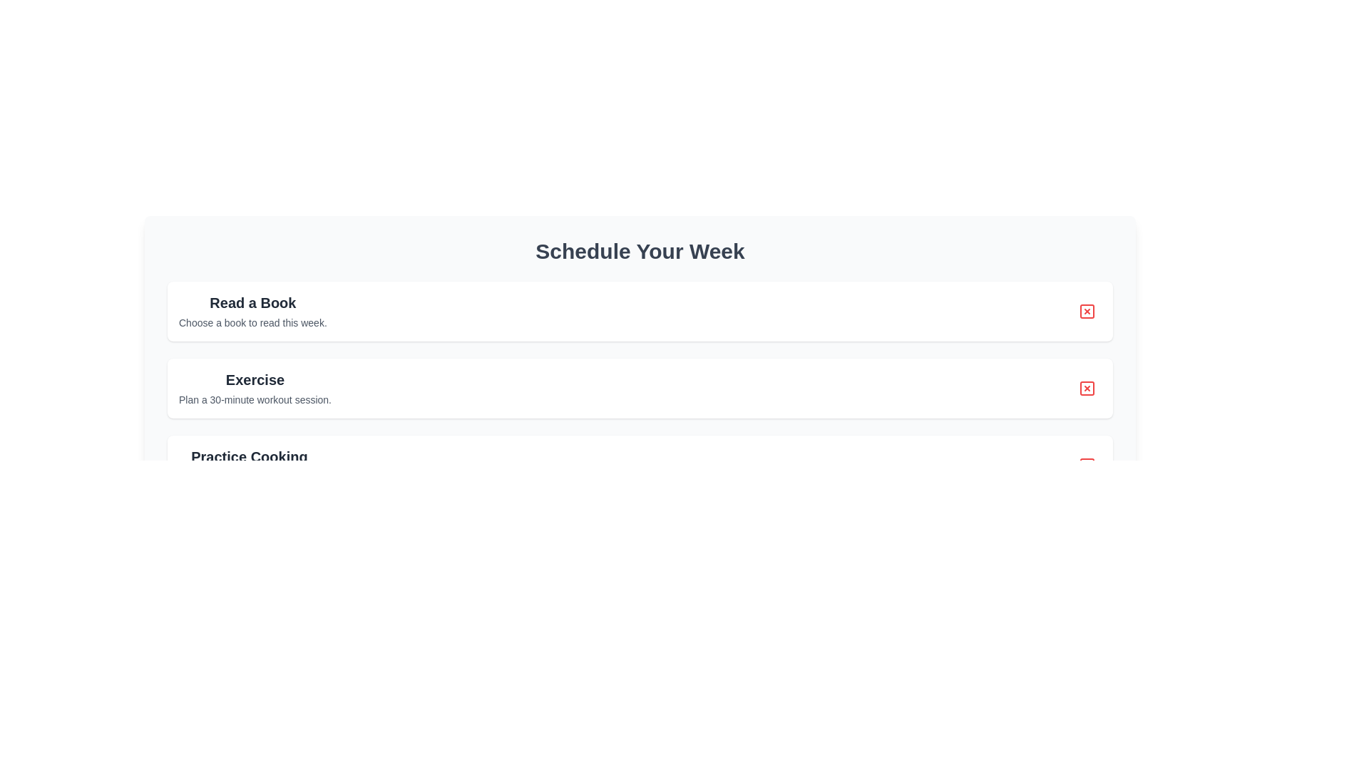 This screenshot has height=770, width=1369. I want to click on the delete button located to the far right of the first task item in the vertical task list, so click(1087, 310).